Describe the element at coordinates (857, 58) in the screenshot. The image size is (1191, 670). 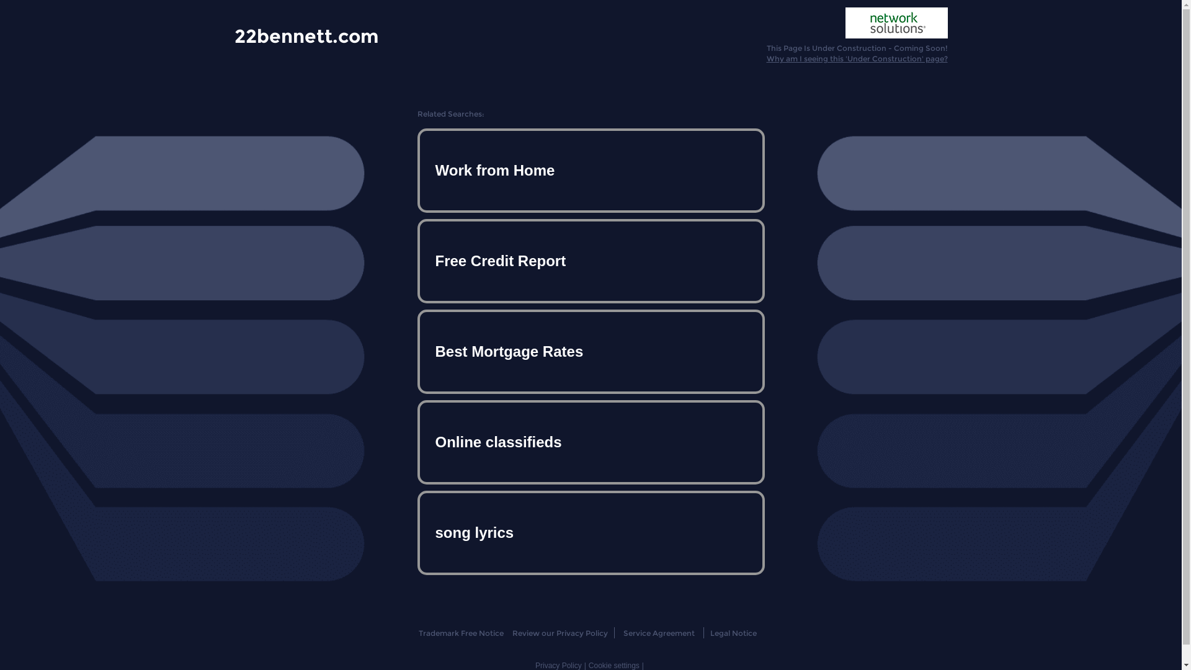
I see `'Why am I seeing this 'Under Construction' page?'` at that location.